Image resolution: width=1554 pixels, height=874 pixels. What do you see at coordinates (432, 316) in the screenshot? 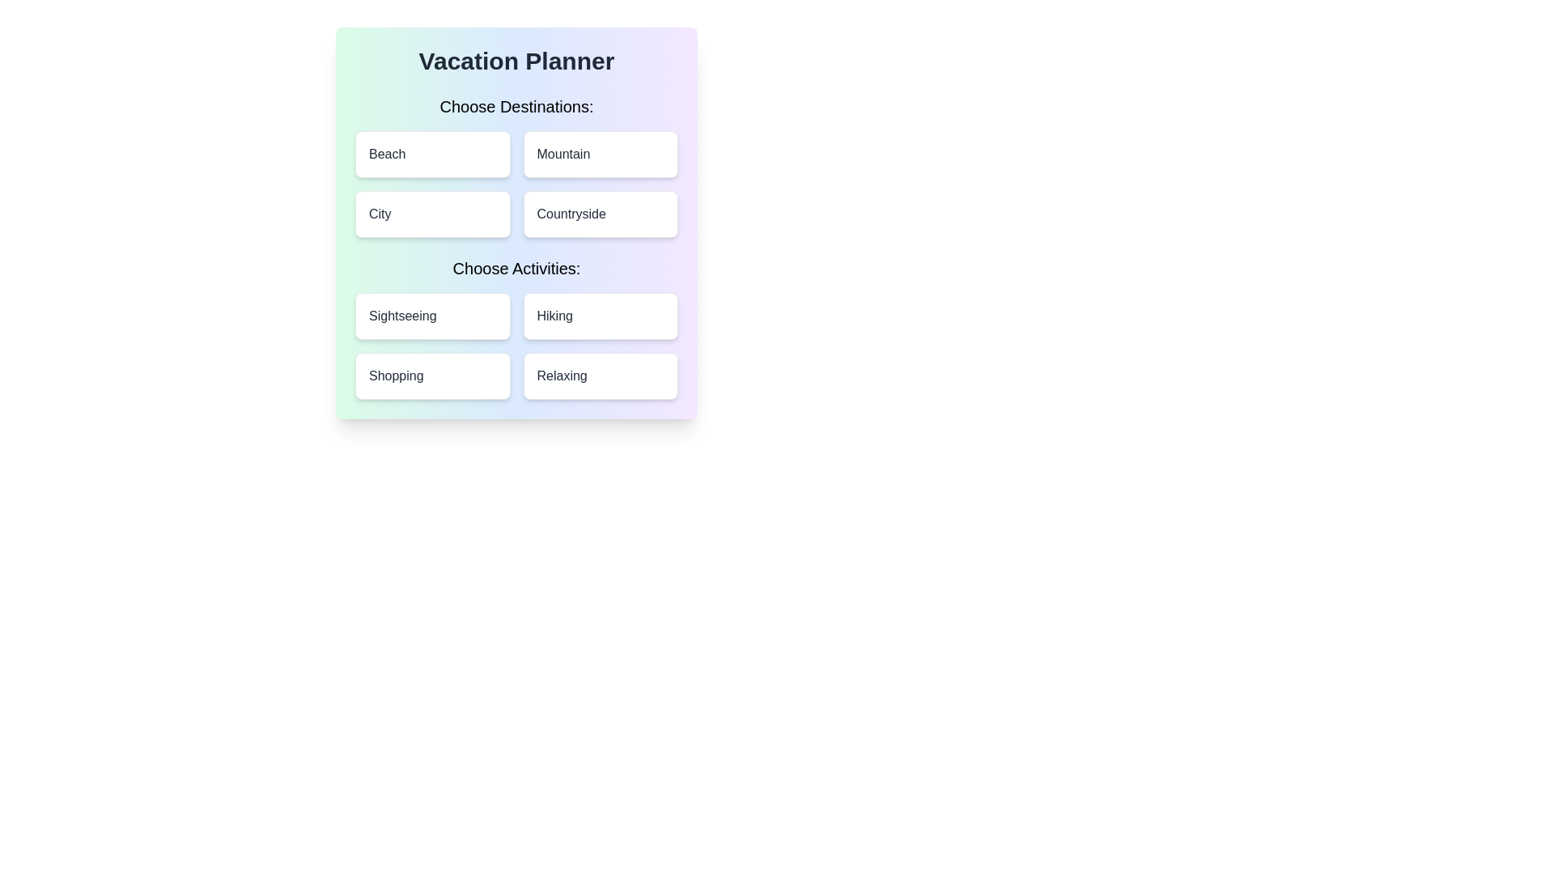
I see `the 'Sightseeing' button which is the top-left option in the second grid row labeled 'Choose Activities'` at bounding box center [432, 316].